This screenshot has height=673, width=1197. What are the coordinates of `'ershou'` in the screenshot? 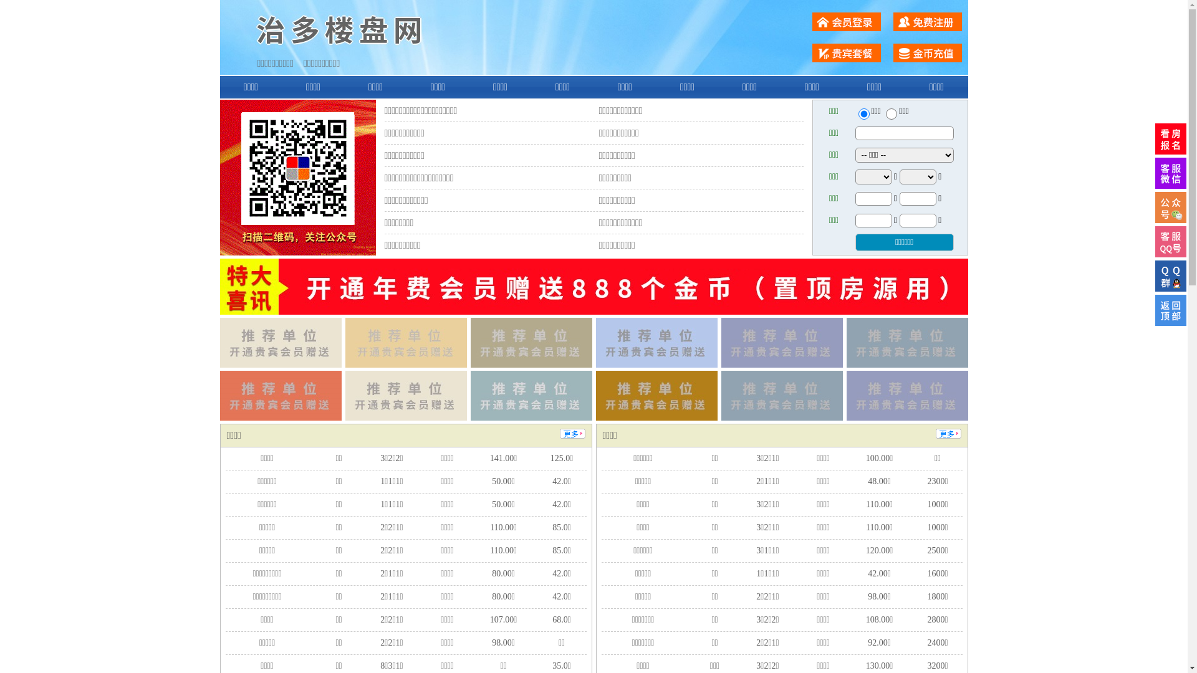 It's located at (863, 113).